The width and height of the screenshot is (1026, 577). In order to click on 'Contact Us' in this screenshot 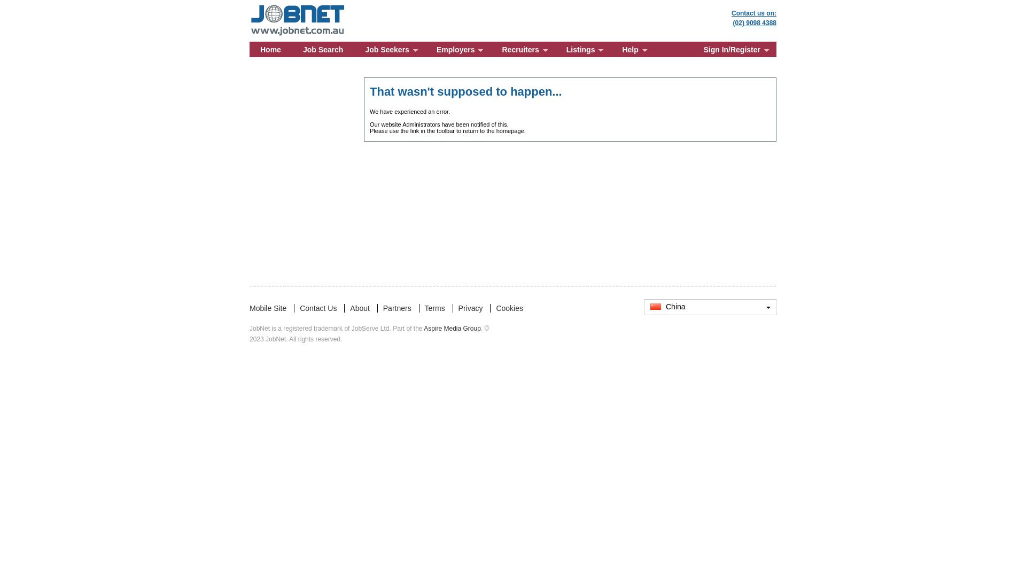, I will do `click(317, 308)`.